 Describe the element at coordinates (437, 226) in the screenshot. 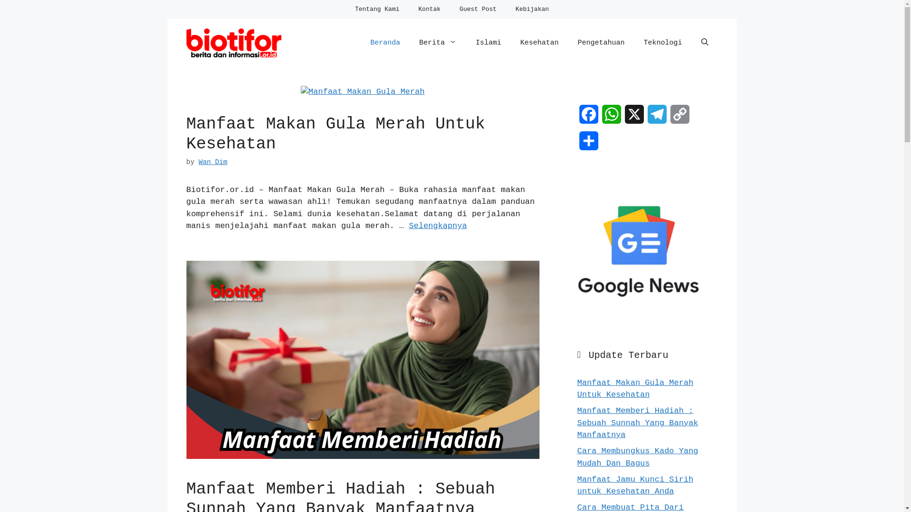

I see `'Selengkapnya'` at that location.